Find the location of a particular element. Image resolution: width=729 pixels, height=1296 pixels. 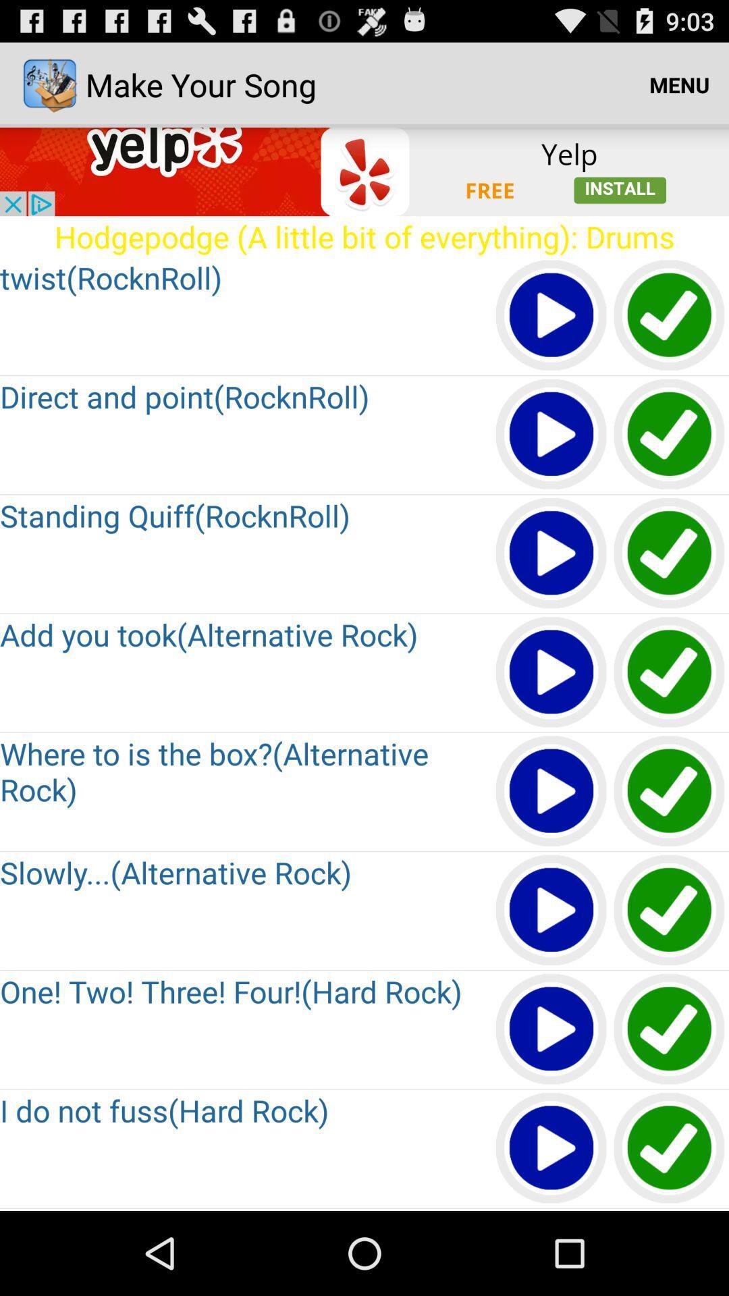

button is located at coordinates (551, 435).